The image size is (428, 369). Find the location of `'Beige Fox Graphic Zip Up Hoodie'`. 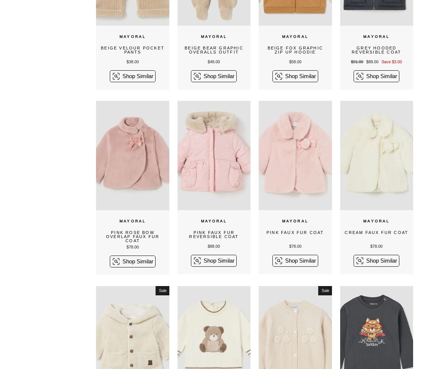

'Beige Fox Graphic Zip Up Hoodie' is located at coordinates (295, 49).